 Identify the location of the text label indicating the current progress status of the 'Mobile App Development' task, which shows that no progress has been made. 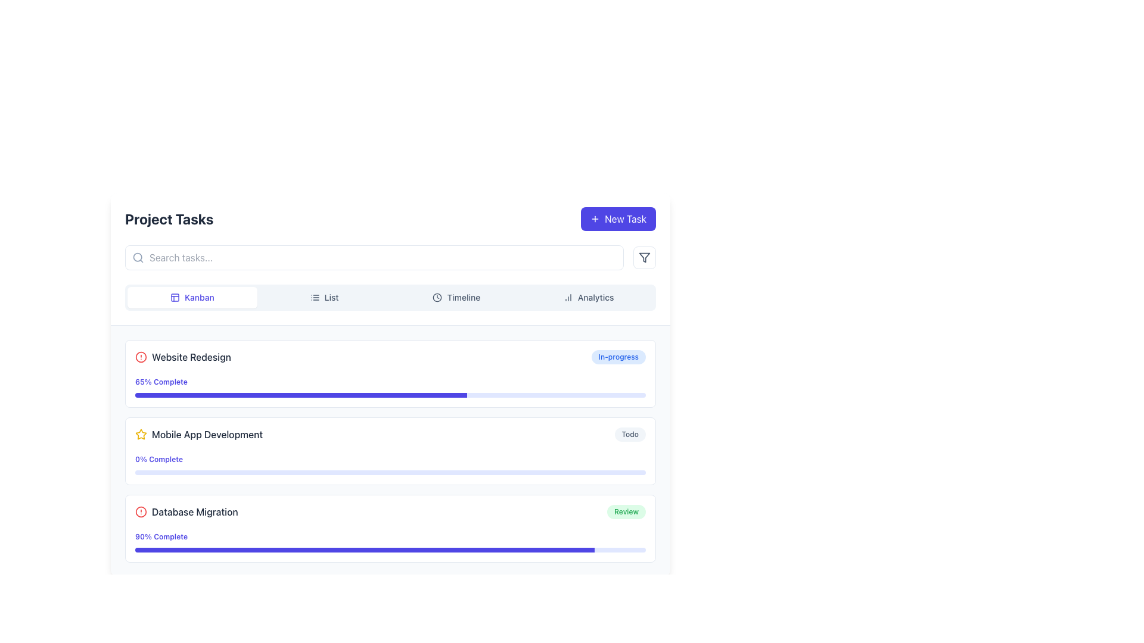
(158, 458).